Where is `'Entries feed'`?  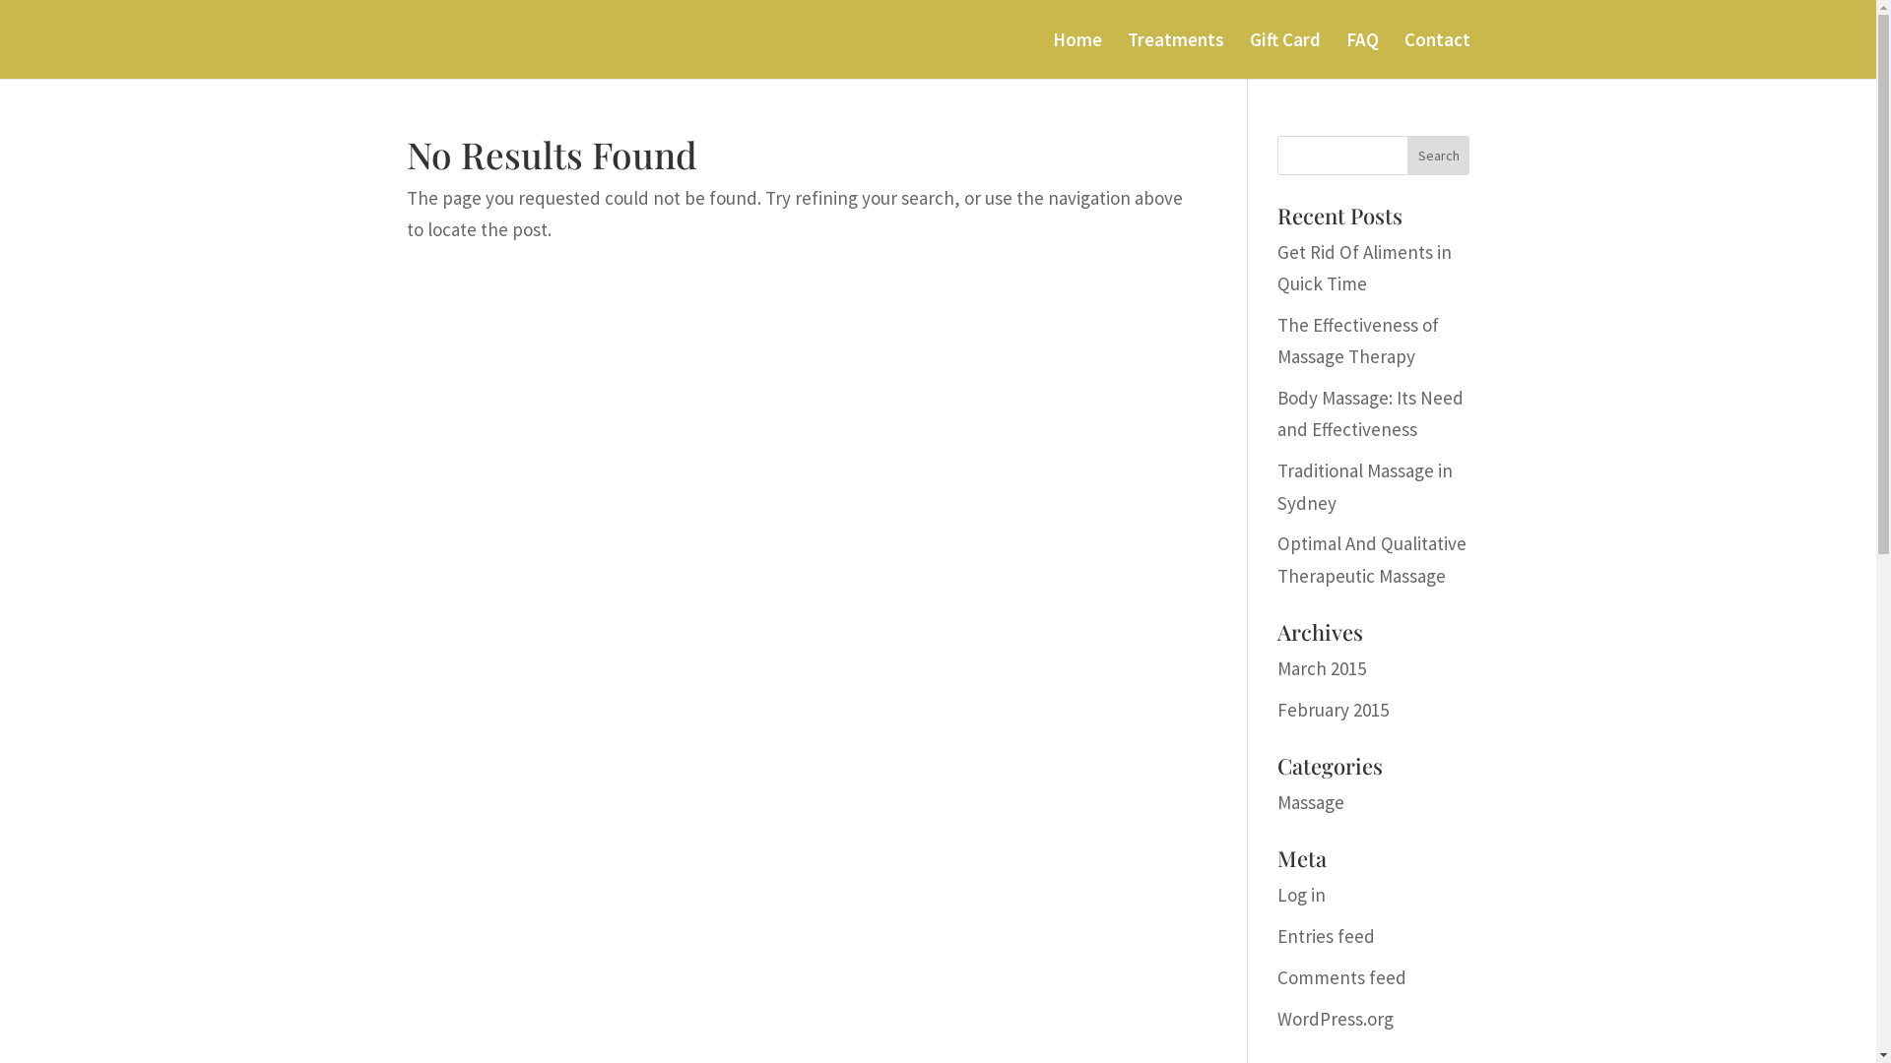 'Entries feed' is located at coordinates (1326, 935).